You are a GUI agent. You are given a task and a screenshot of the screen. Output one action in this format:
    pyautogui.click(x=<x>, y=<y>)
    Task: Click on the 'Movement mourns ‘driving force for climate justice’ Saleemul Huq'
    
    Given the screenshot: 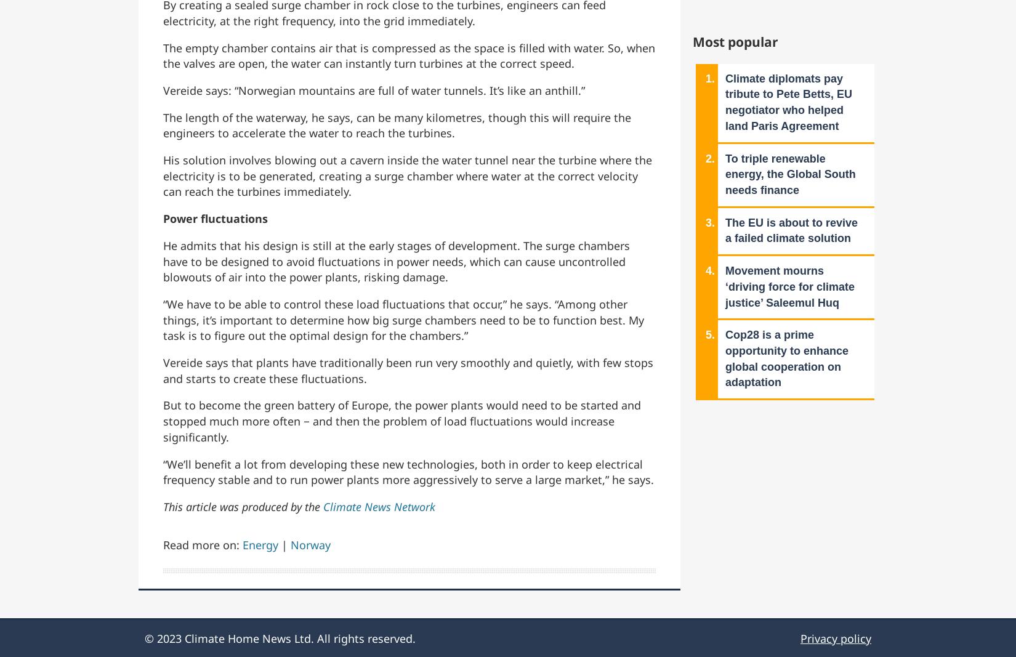 What is the action you would take?
    pyautogui.click(x=789, y=286)
    